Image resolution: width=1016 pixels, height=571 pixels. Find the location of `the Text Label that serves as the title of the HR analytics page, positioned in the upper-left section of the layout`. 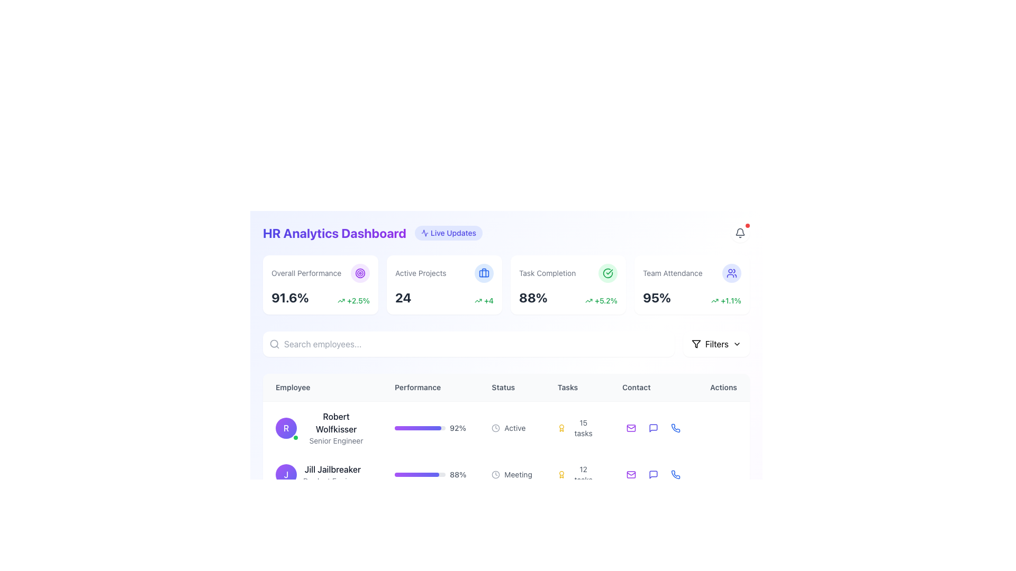

the Text Label that serves as the title of the HR analytics page, positioned in the upper-left section of the layout is located at coordinates (334, 232).